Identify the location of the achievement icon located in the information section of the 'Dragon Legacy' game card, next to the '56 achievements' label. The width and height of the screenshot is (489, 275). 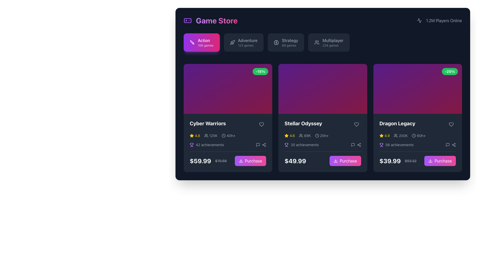
(381, 145).